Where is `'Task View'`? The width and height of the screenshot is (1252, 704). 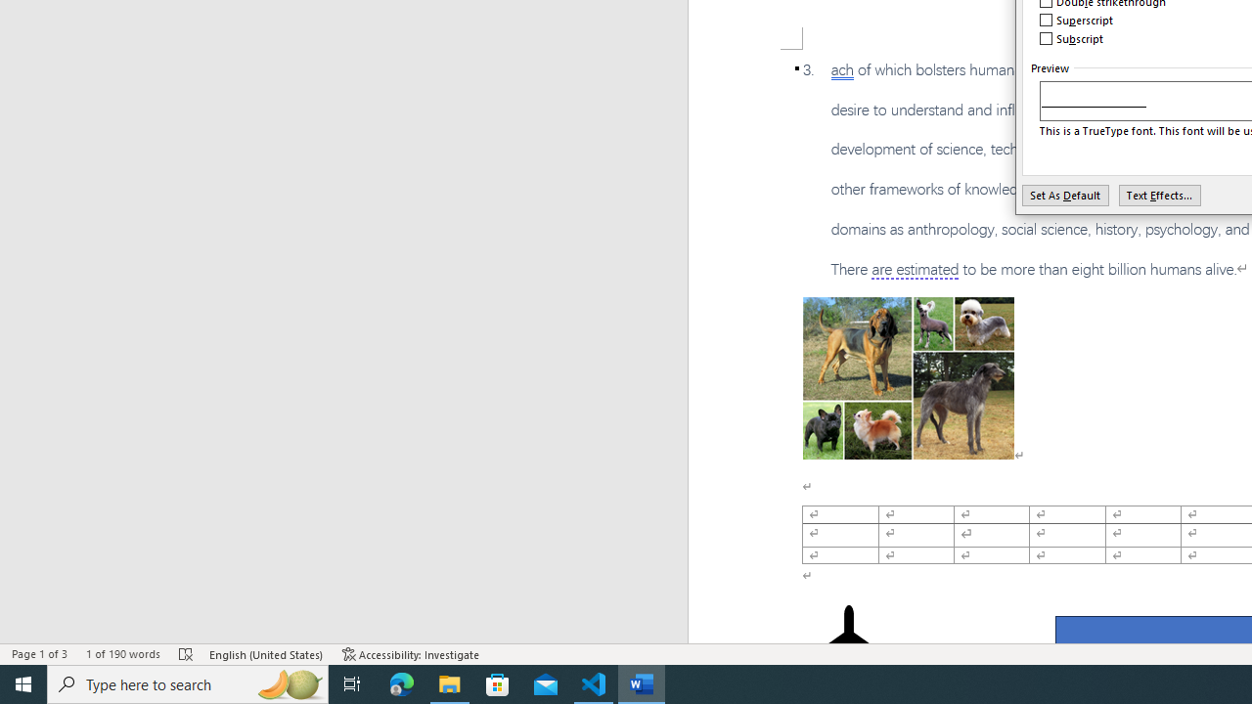
'Task View' is located at coordinates (351, 682).